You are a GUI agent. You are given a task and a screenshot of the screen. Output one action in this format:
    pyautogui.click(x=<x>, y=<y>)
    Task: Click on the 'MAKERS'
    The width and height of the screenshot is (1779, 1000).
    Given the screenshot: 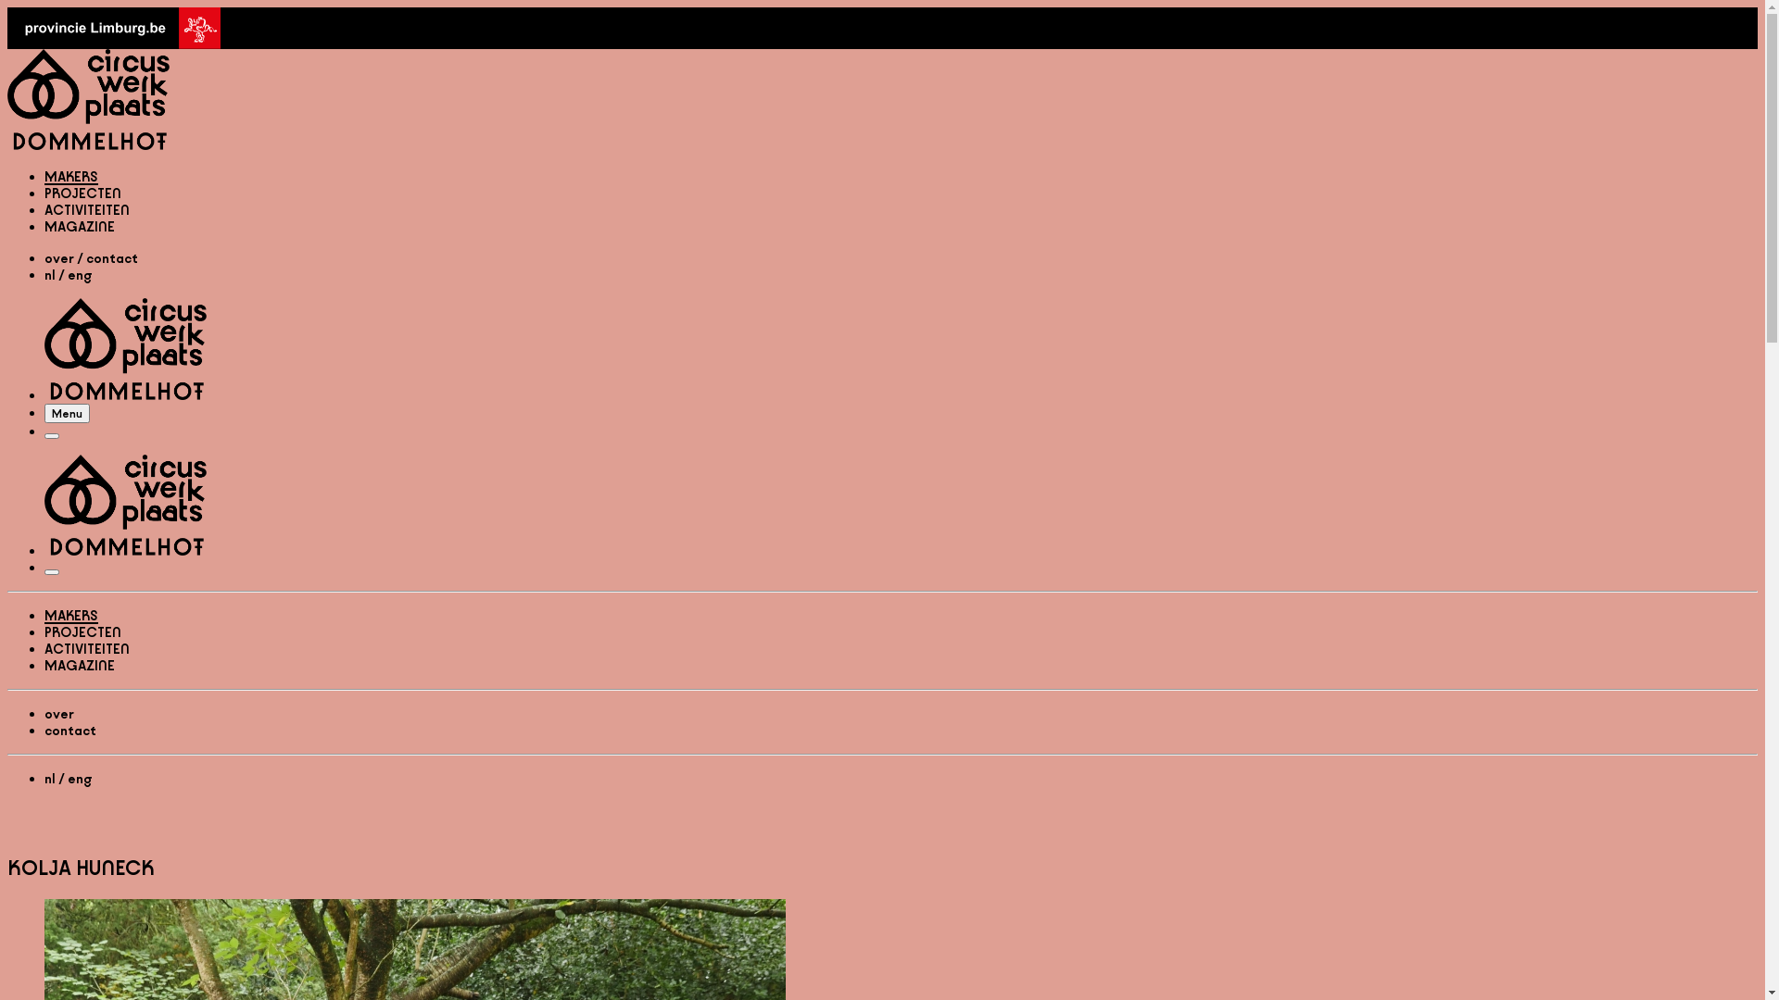 What is the action you would take?
    pyautogui.click(x=70, y=615)
    